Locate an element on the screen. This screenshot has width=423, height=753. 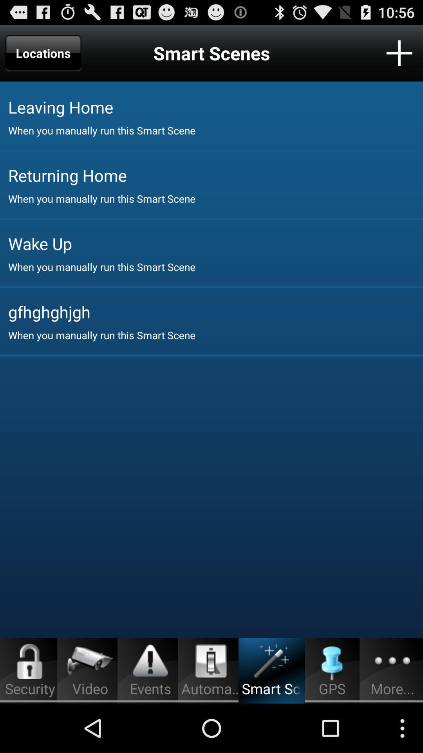
location is located at coordinates (399, 53).